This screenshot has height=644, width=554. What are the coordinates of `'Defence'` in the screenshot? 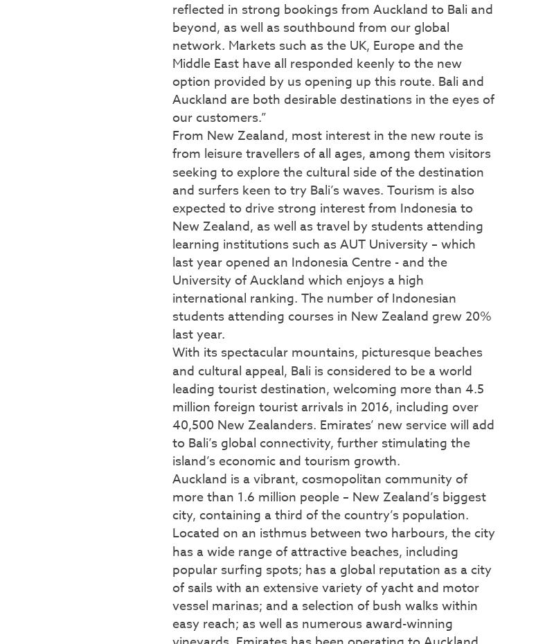 It's located at (29, 143).